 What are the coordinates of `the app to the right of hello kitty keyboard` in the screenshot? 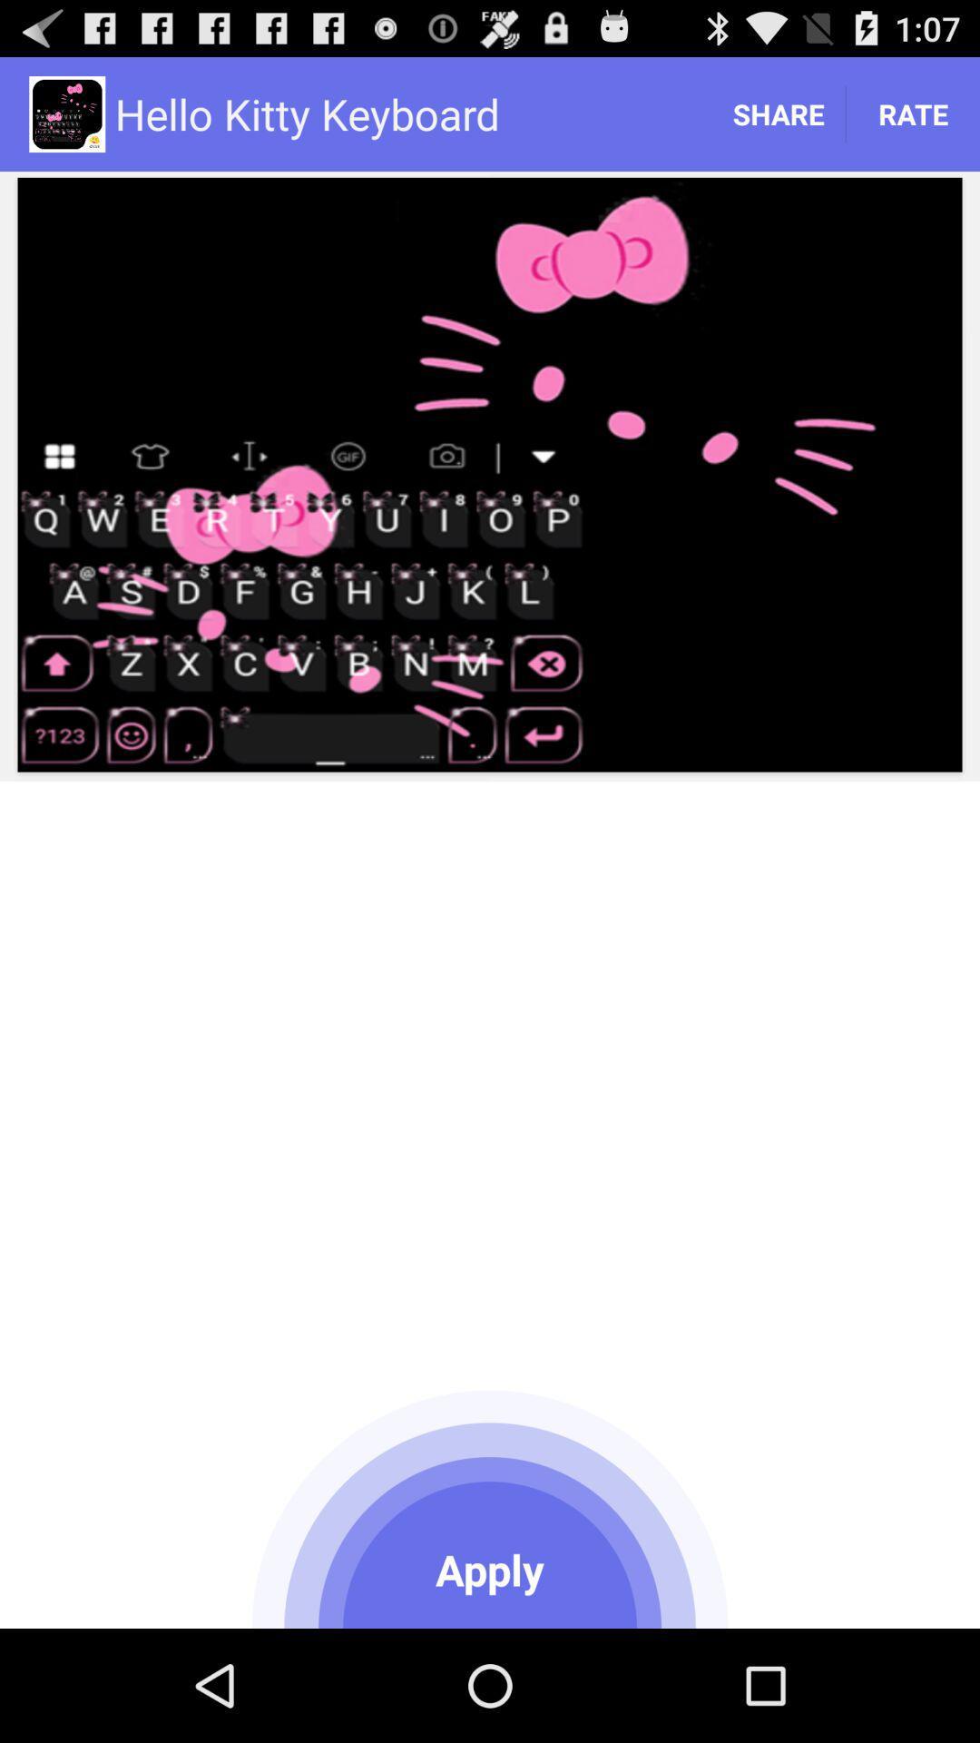 It's located at (777, 113).